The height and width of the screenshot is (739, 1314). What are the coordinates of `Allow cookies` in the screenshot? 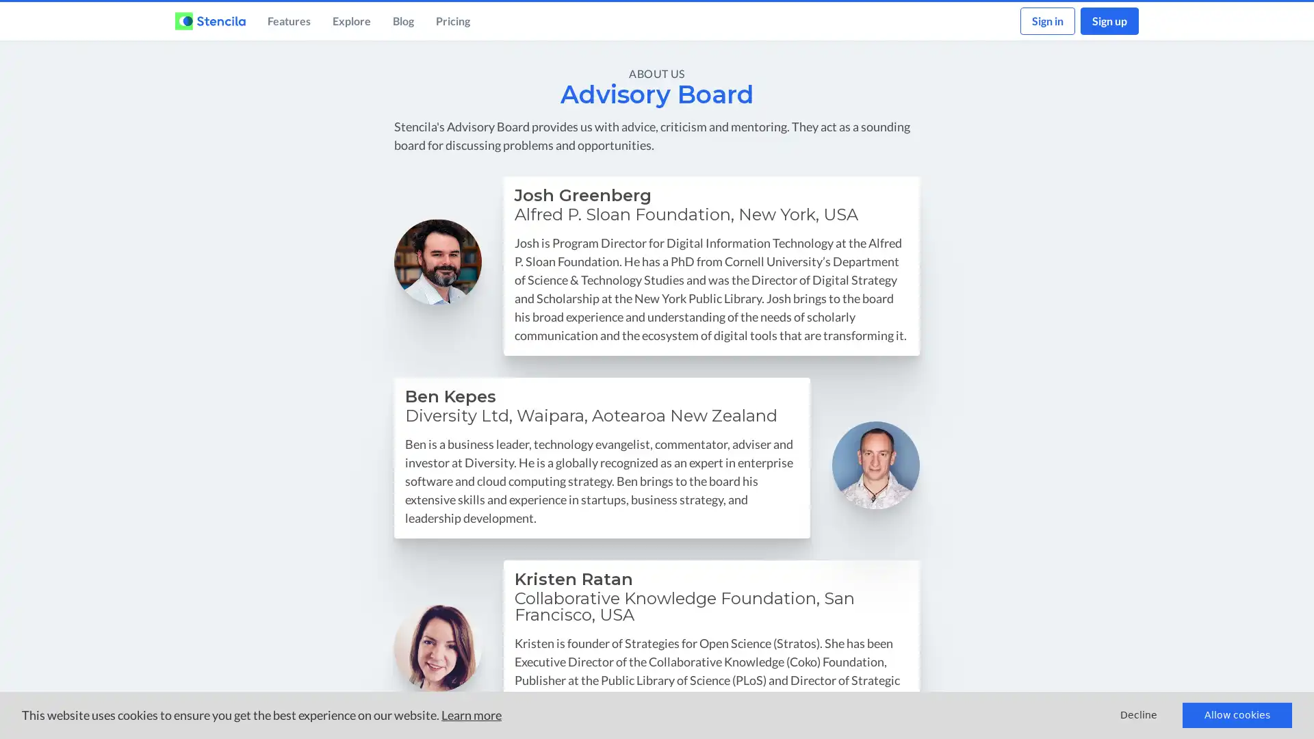 It's located at (1237, 714).